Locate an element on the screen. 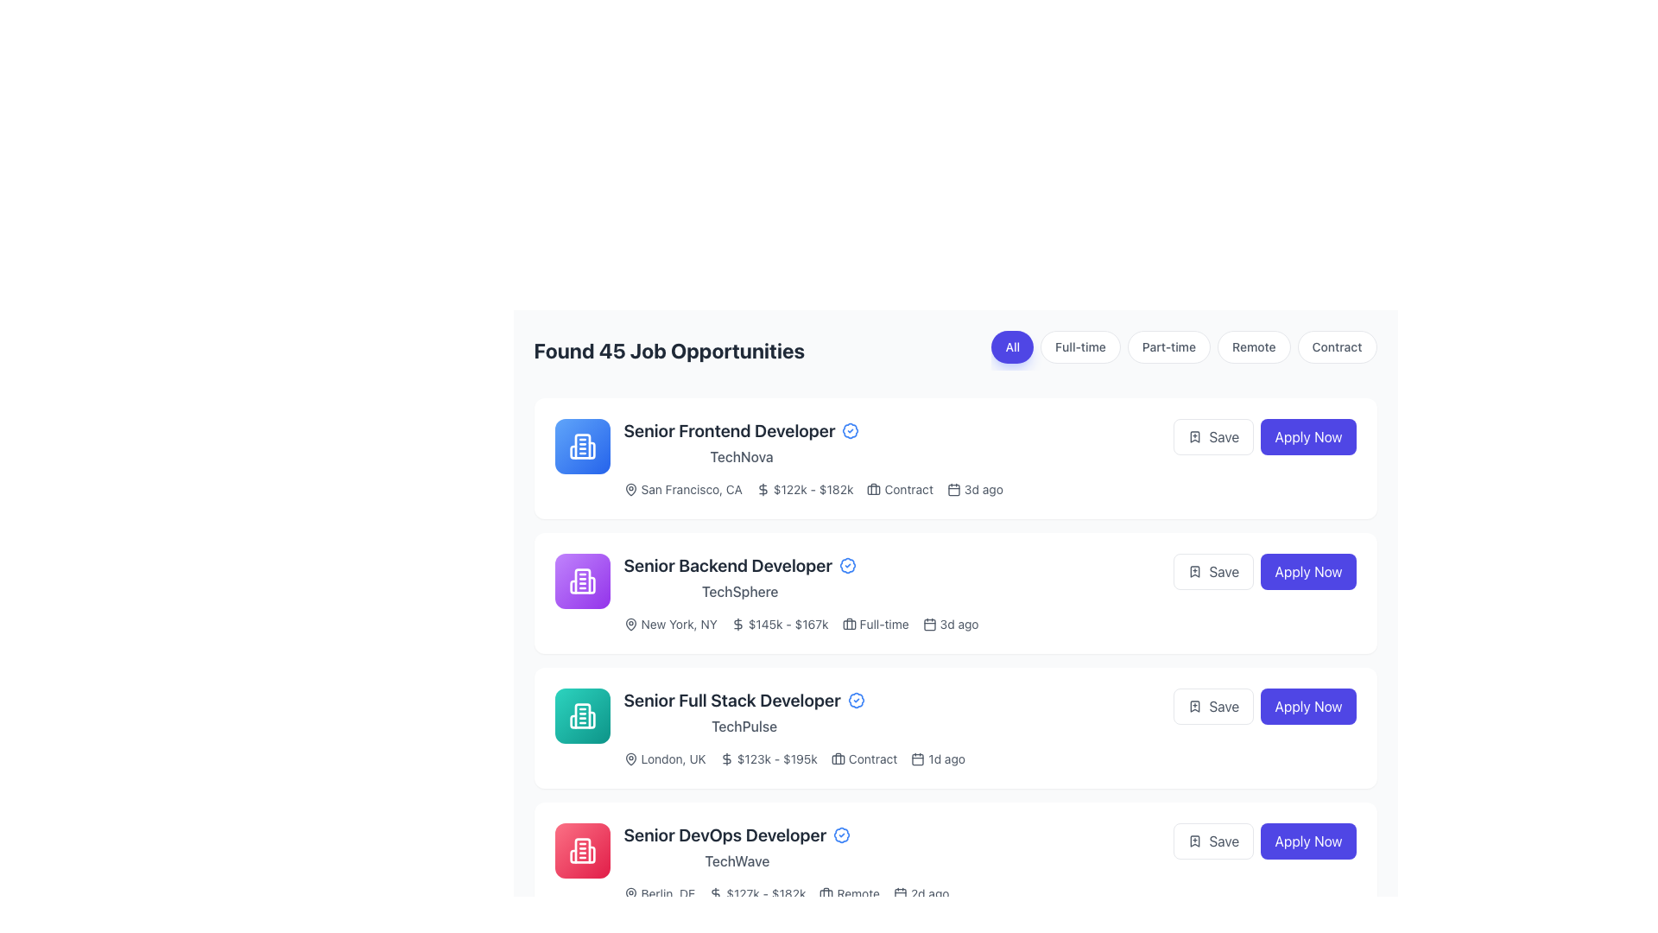 The height and width of the screenshot is (933, 1658). text from the Text Label displaying 'Senior Frontend Developer' with subtext 'TechNova', located in the first job listing's main text area, to the right of a blue company icon is located at coordinates (742, 442).